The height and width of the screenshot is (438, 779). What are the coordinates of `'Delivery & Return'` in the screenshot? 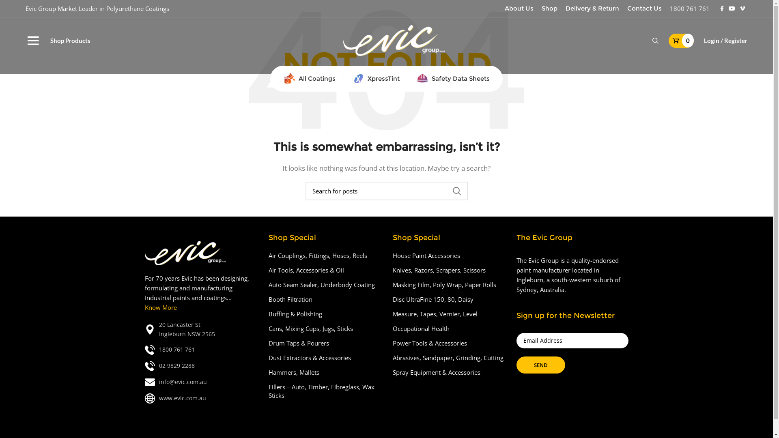 It's located at (592, 8).